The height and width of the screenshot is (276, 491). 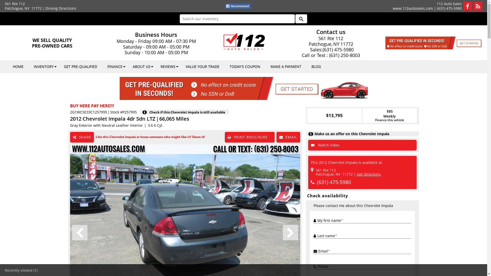 I want to click on 'GET PRE-QUALIFIED', so click(x=80, y=66).